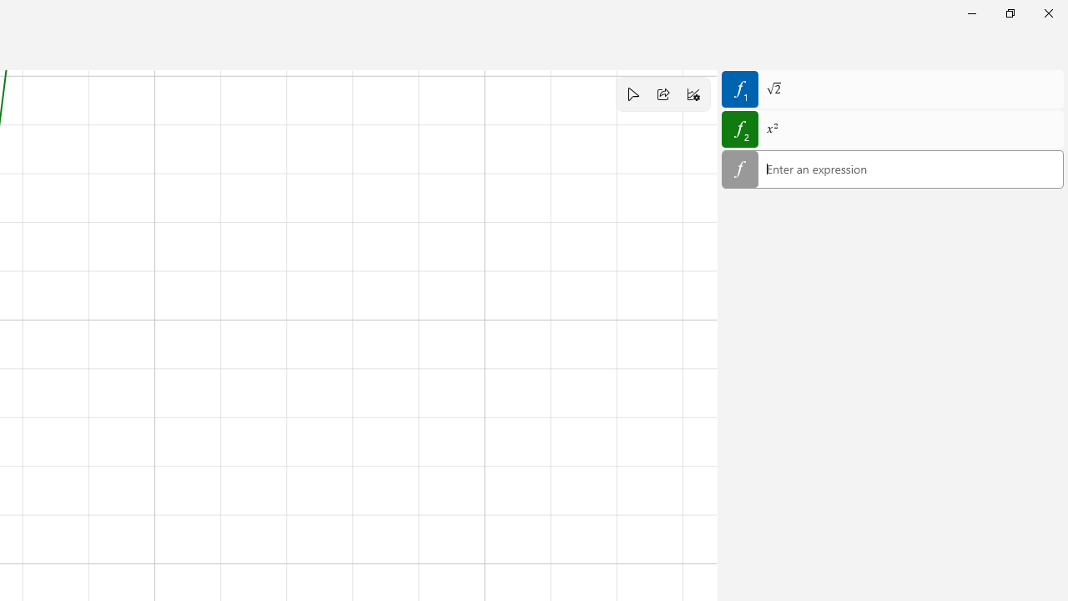 The height and width of the screenshot is (601, 1068). Describe the element at coordinates (739, 169) in the screenshot. I see `'Hide equation 3'` at that location.